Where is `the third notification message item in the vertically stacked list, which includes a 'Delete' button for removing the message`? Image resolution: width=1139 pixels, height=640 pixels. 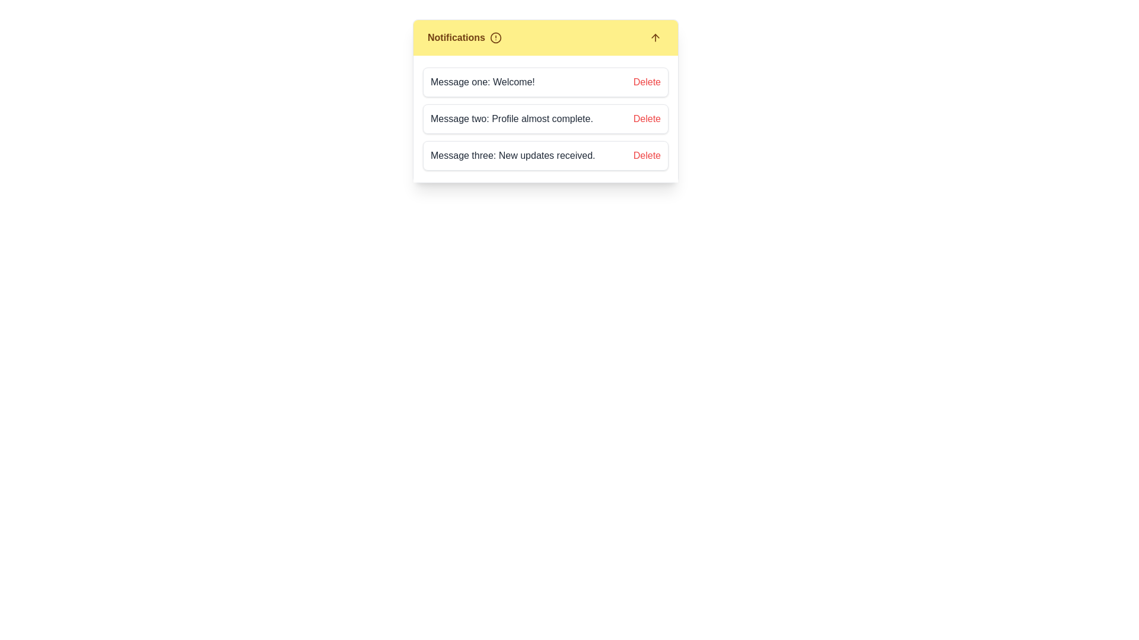
the third notification message item in the vertically stacked list, which includes a 'Delete' button for removing the message is located at coordinates (545, 155).